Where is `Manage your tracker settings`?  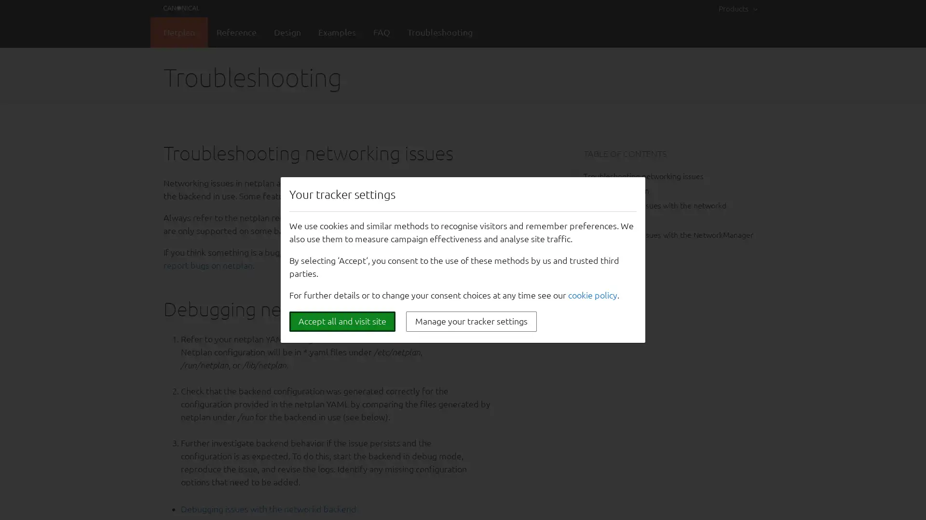
Manage your tracker settings is located at coordinates (471, 321).